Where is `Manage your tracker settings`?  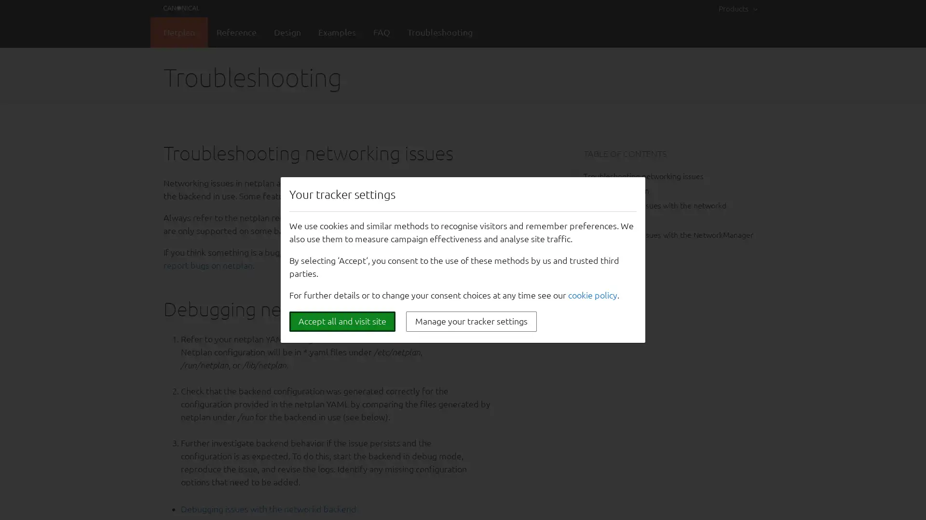
Manage your tracker settings is located at coordinates (471, 321).